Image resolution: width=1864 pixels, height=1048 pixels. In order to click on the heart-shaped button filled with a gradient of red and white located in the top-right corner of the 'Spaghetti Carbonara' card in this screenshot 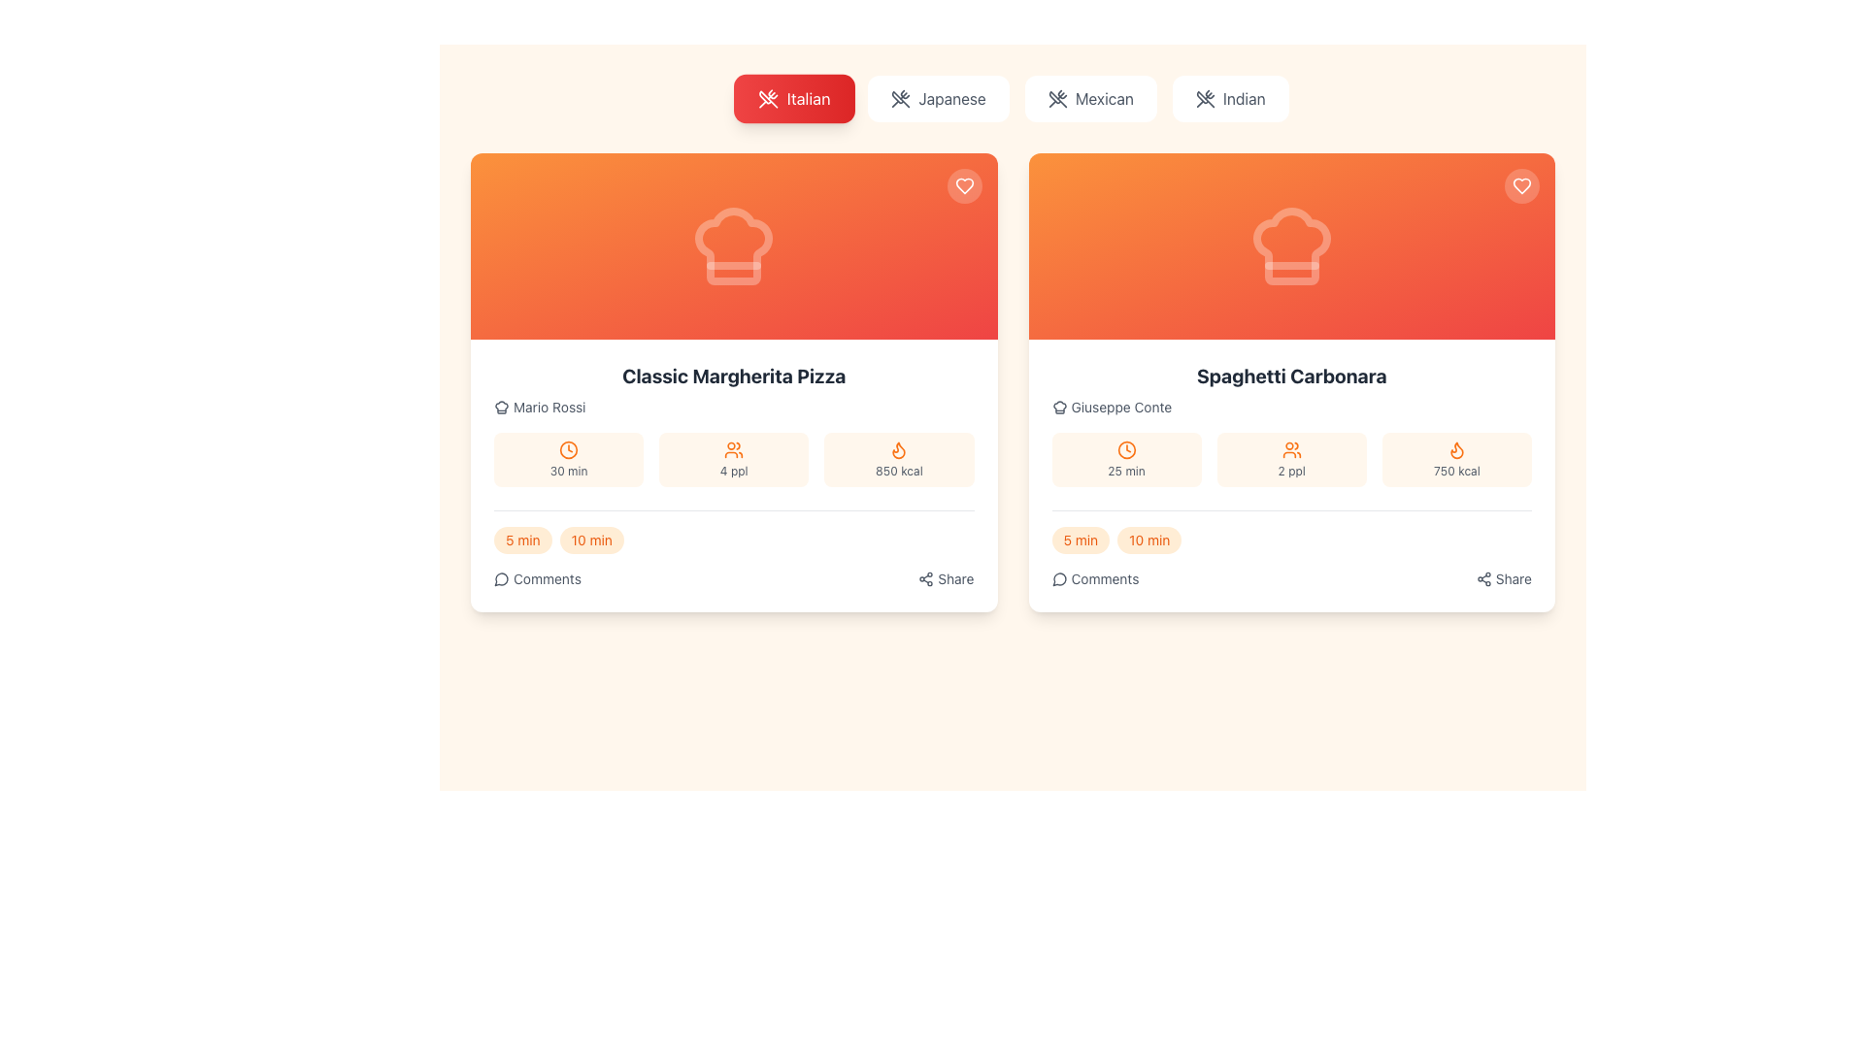, I will do `click(1521, 186)`.